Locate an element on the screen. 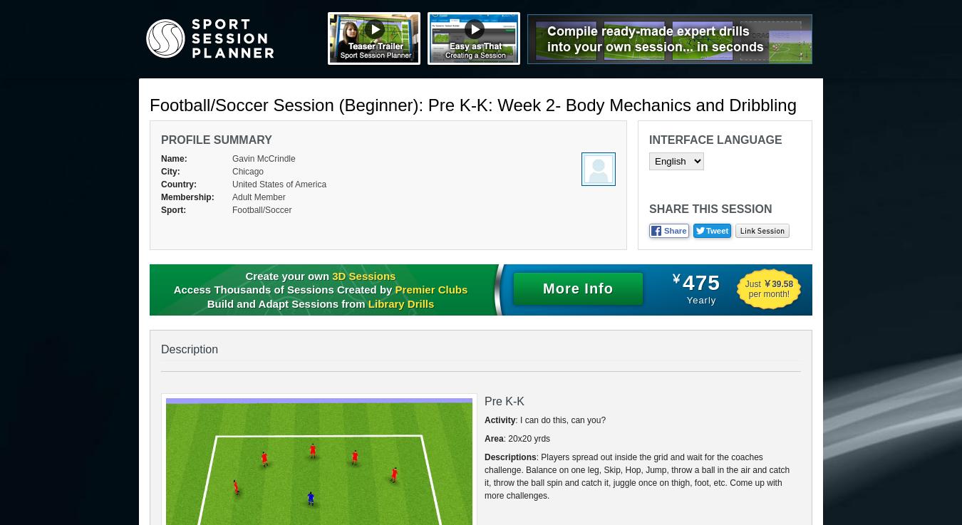 The height and width of the screenshot is (525, 962). ': 20x20 yrds' is located at coordinates (525, 438).